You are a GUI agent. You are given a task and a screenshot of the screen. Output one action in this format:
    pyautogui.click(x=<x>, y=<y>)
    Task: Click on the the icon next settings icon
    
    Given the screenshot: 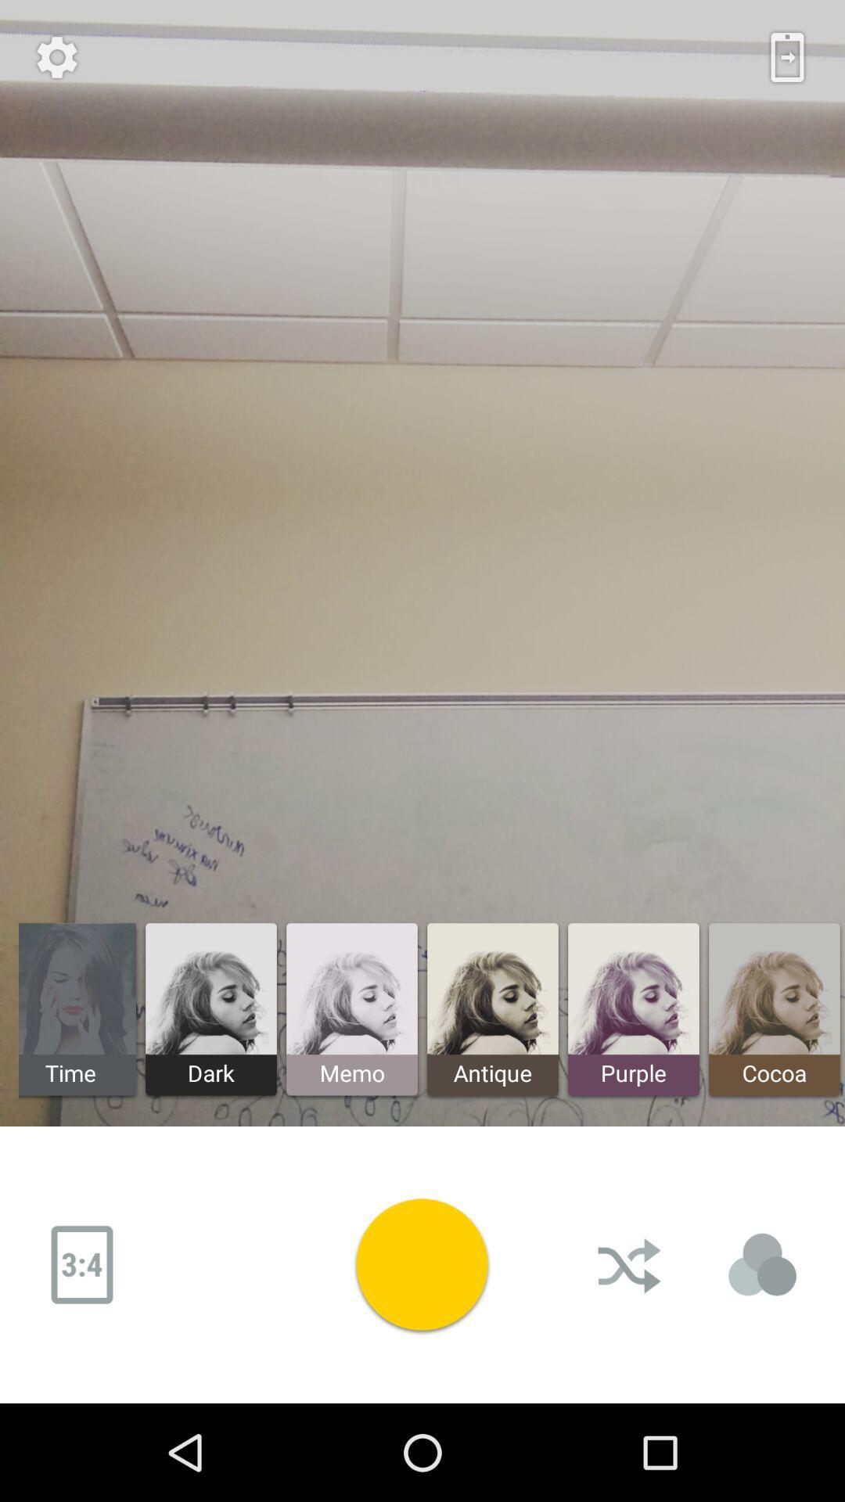 What is the action you would take?
    pyautogui.click(x=787, y=57)
    